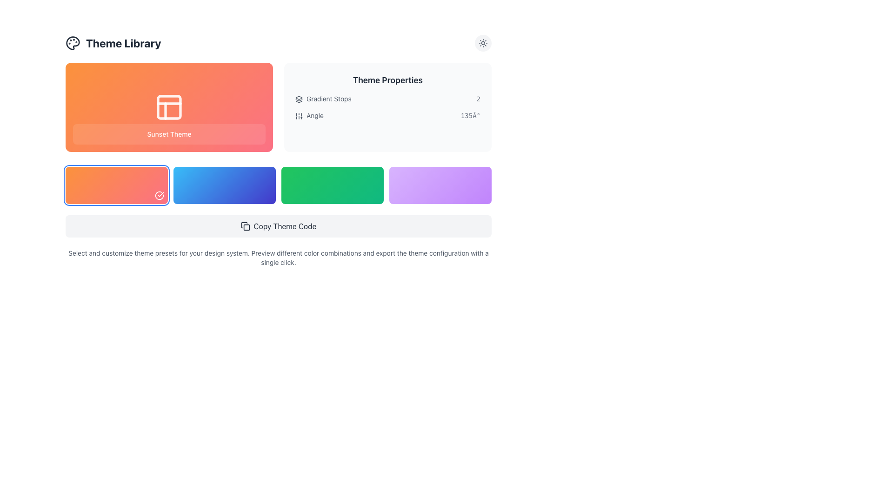 The height and width of the screenshot is (502, 893). Describe the element at coordinates (388, 107) in the screenshot. I see `the Informational panel within the 'Theme Properties' section` at that location.